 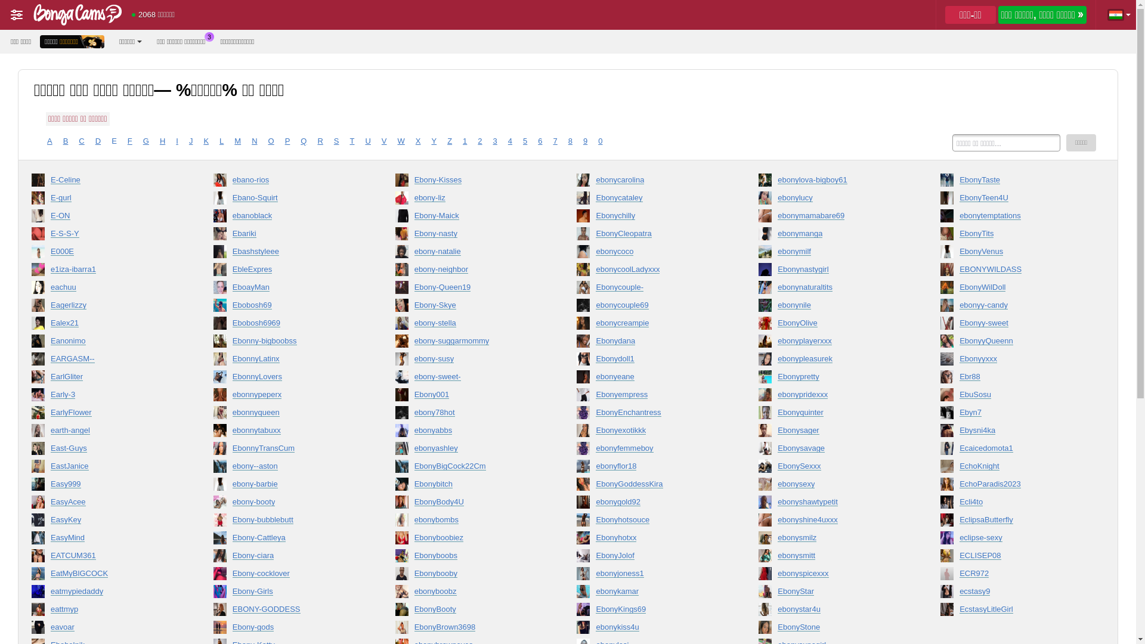 I want to click on 'Ebony001', so click(x=469, y=397).